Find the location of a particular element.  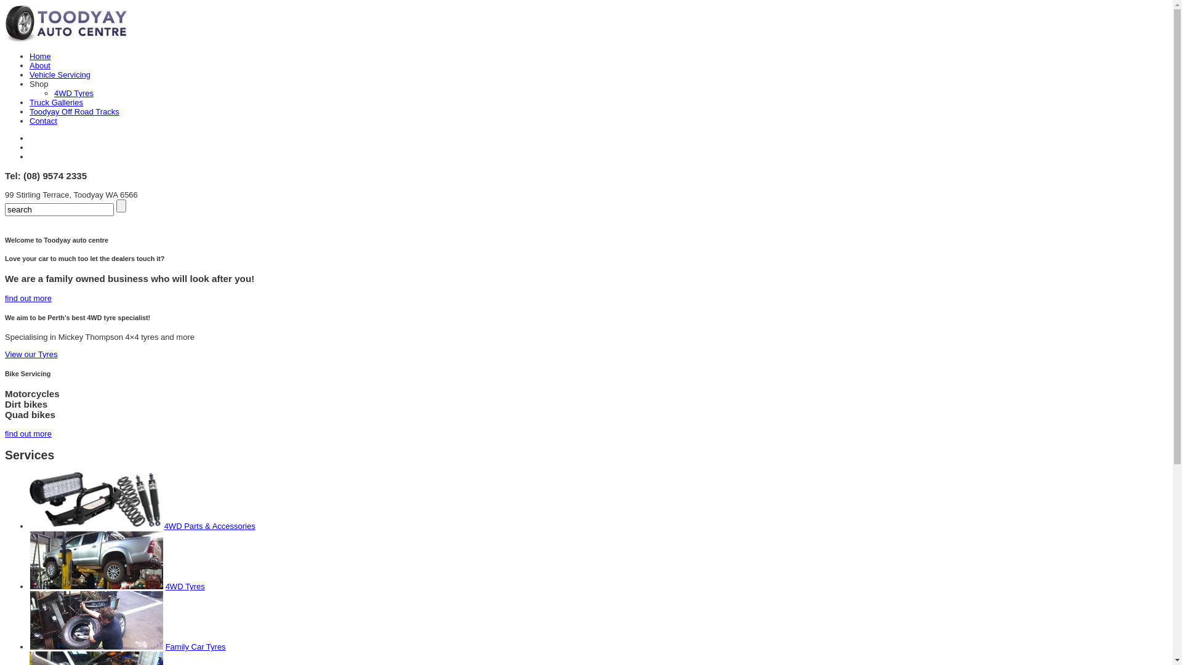

'Toodyay Off Road Tracks' is located at coordinates (73, 111).